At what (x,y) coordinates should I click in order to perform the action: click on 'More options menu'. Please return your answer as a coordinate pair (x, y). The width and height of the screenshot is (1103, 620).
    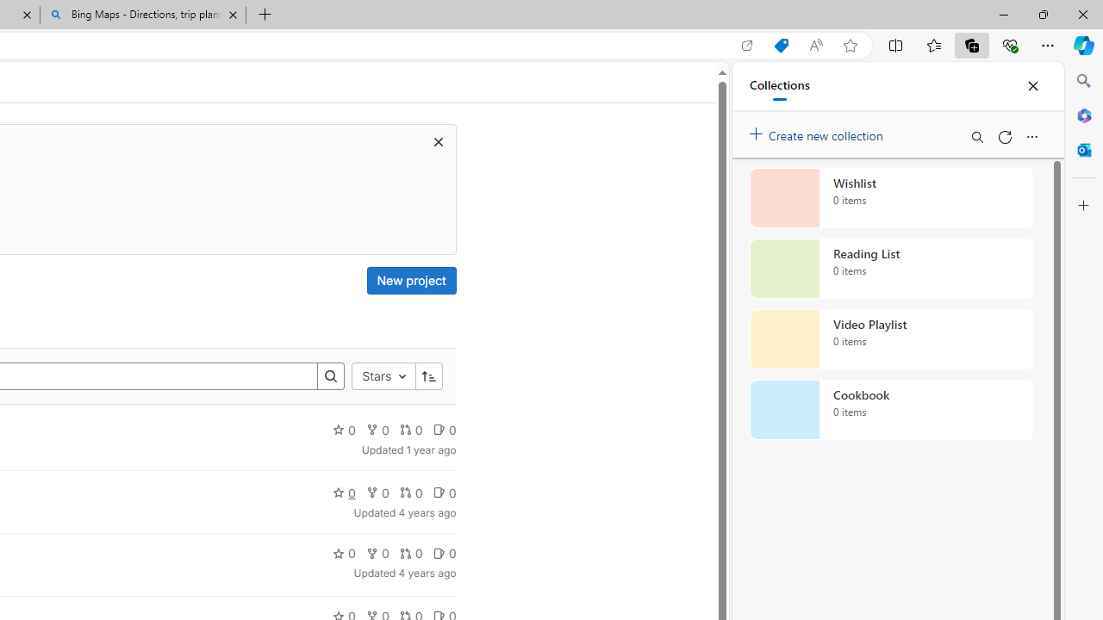
    Looking at the image, I should click on (1031, 136).